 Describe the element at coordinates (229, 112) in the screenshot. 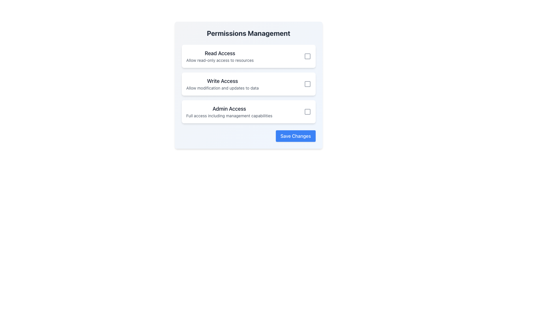

I see `the descriptive text element labeled 'Admin Access' in the third card under 'Permissions Management', which provides information about the access permission level` at that location.